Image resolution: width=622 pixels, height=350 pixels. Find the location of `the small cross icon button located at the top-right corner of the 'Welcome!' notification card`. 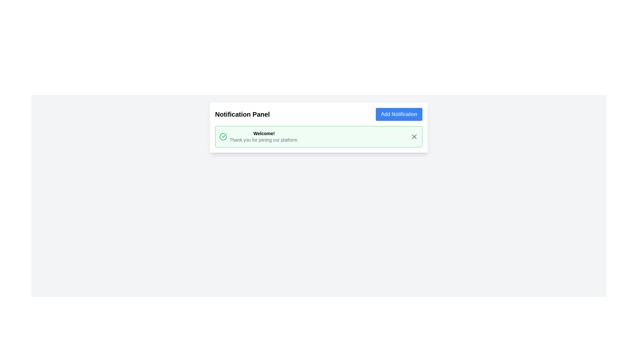

the small cross icon button located at the top-right corner of the 'Welcome!' notification card is located at coordinates (414, 136).